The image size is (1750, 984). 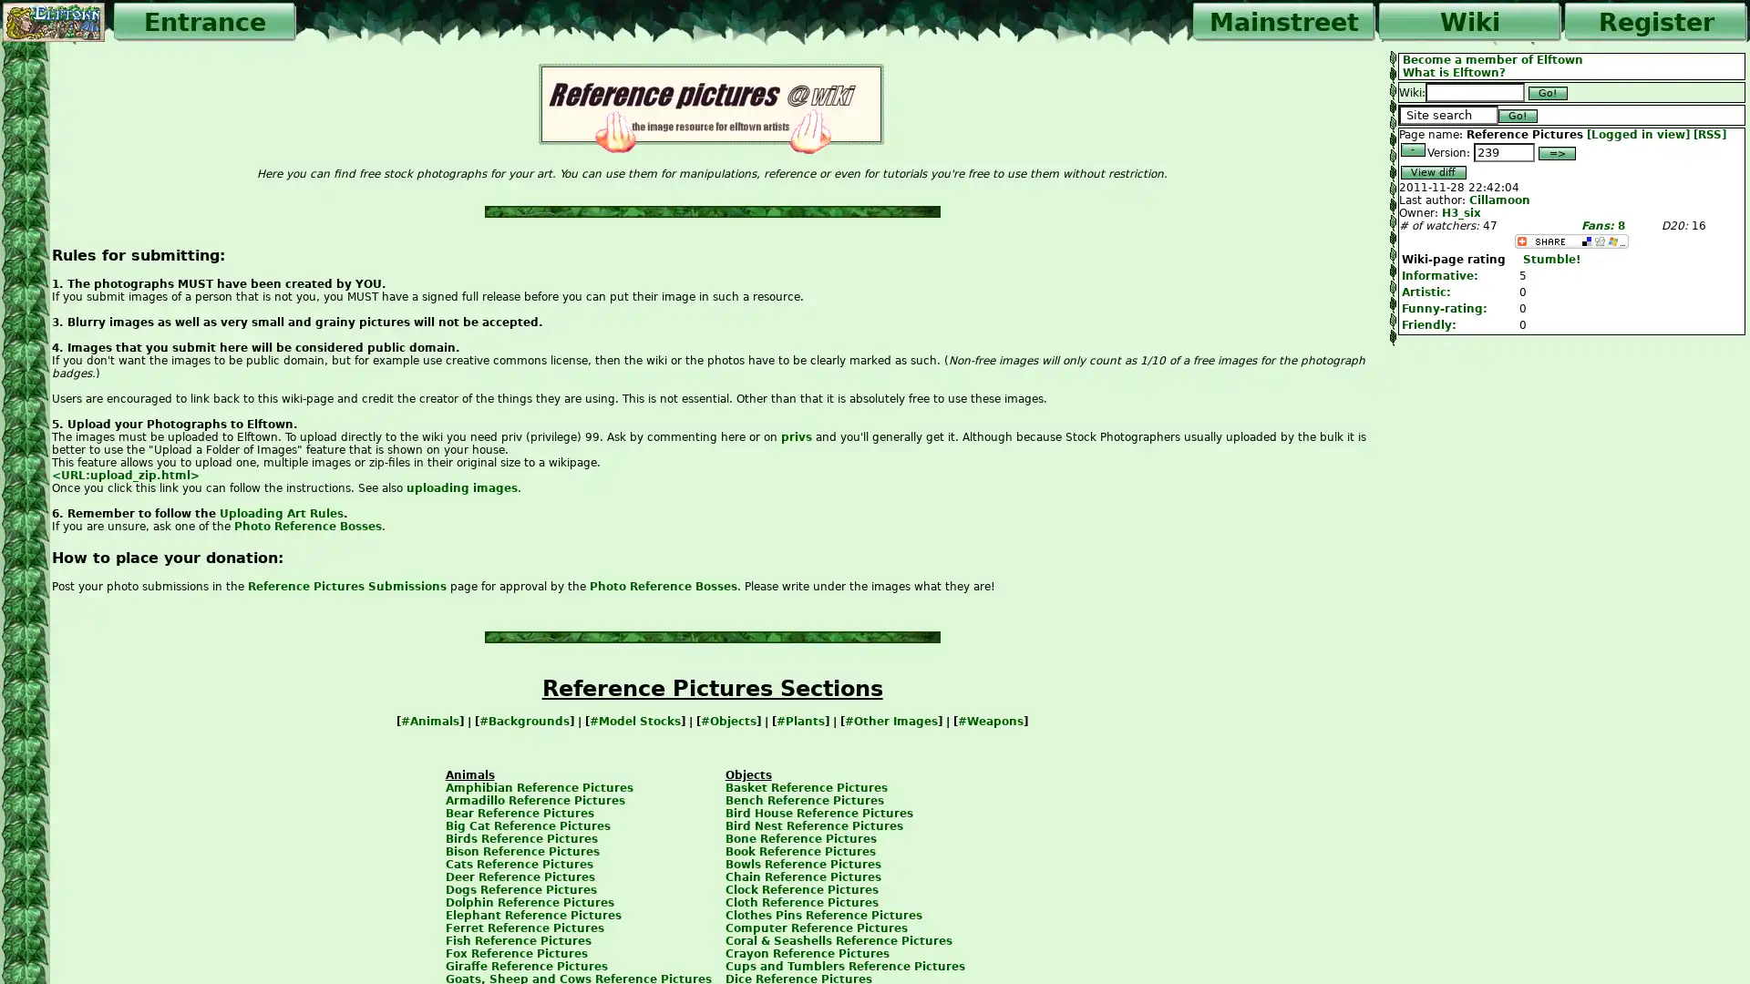 What do you see at coordinates (1547, 93) in the screenshot?
I see `Go!` at bounding box center [1547, 93].